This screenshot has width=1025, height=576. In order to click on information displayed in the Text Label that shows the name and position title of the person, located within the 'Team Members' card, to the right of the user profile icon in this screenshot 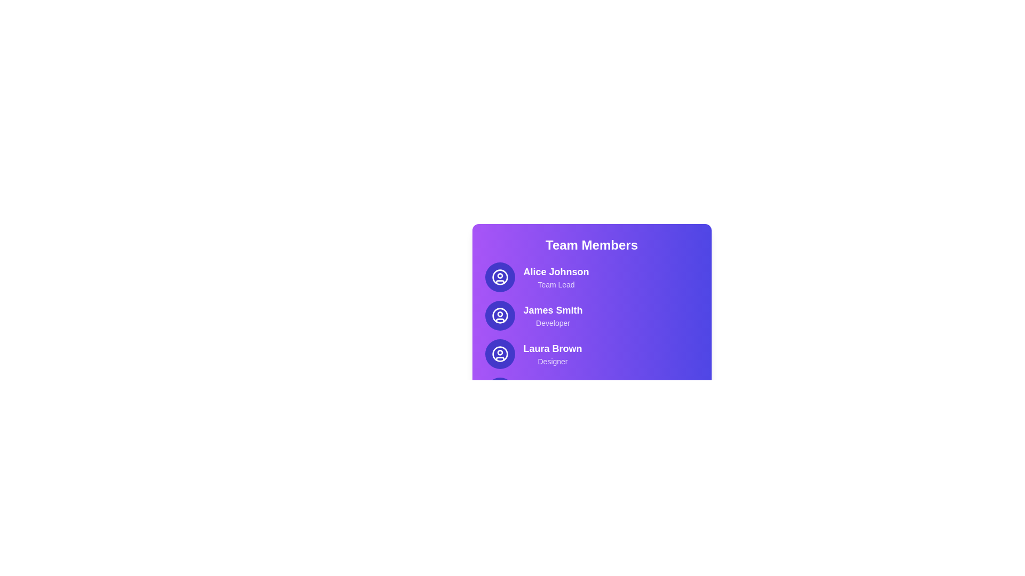, I will do `click(555, 277)`.